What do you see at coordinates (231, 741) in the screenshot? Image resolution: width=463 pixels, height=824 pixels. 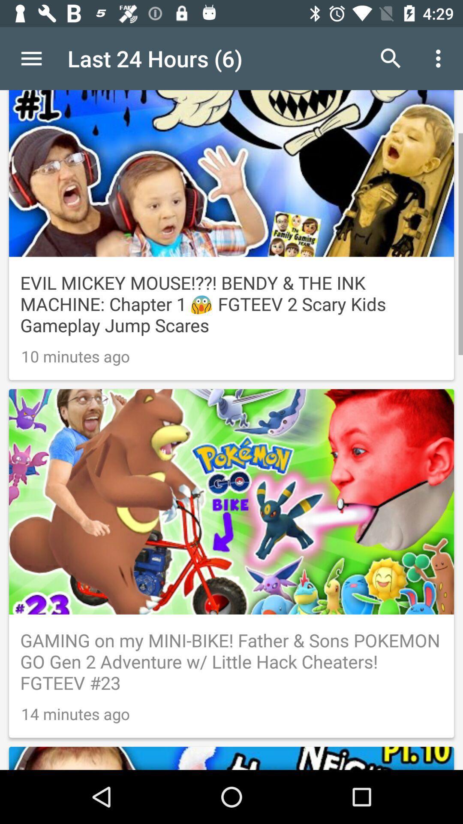 I see `advertisement` at bounding box center [231, 741].